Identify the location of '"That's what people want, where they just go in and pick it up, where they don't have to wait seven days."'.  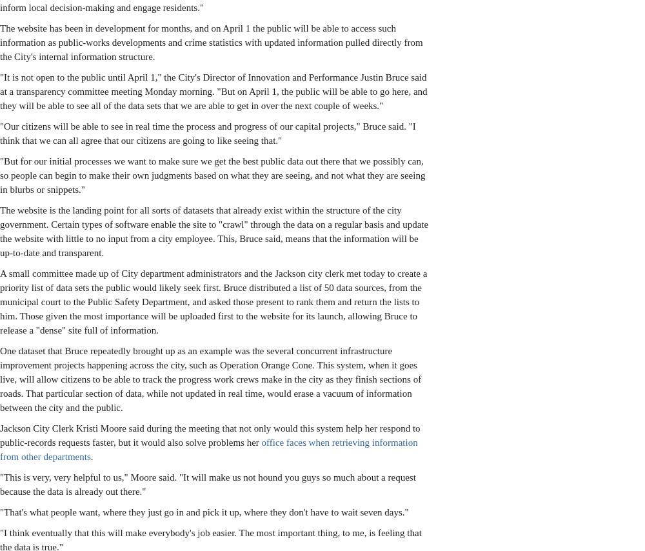
(203, 512).